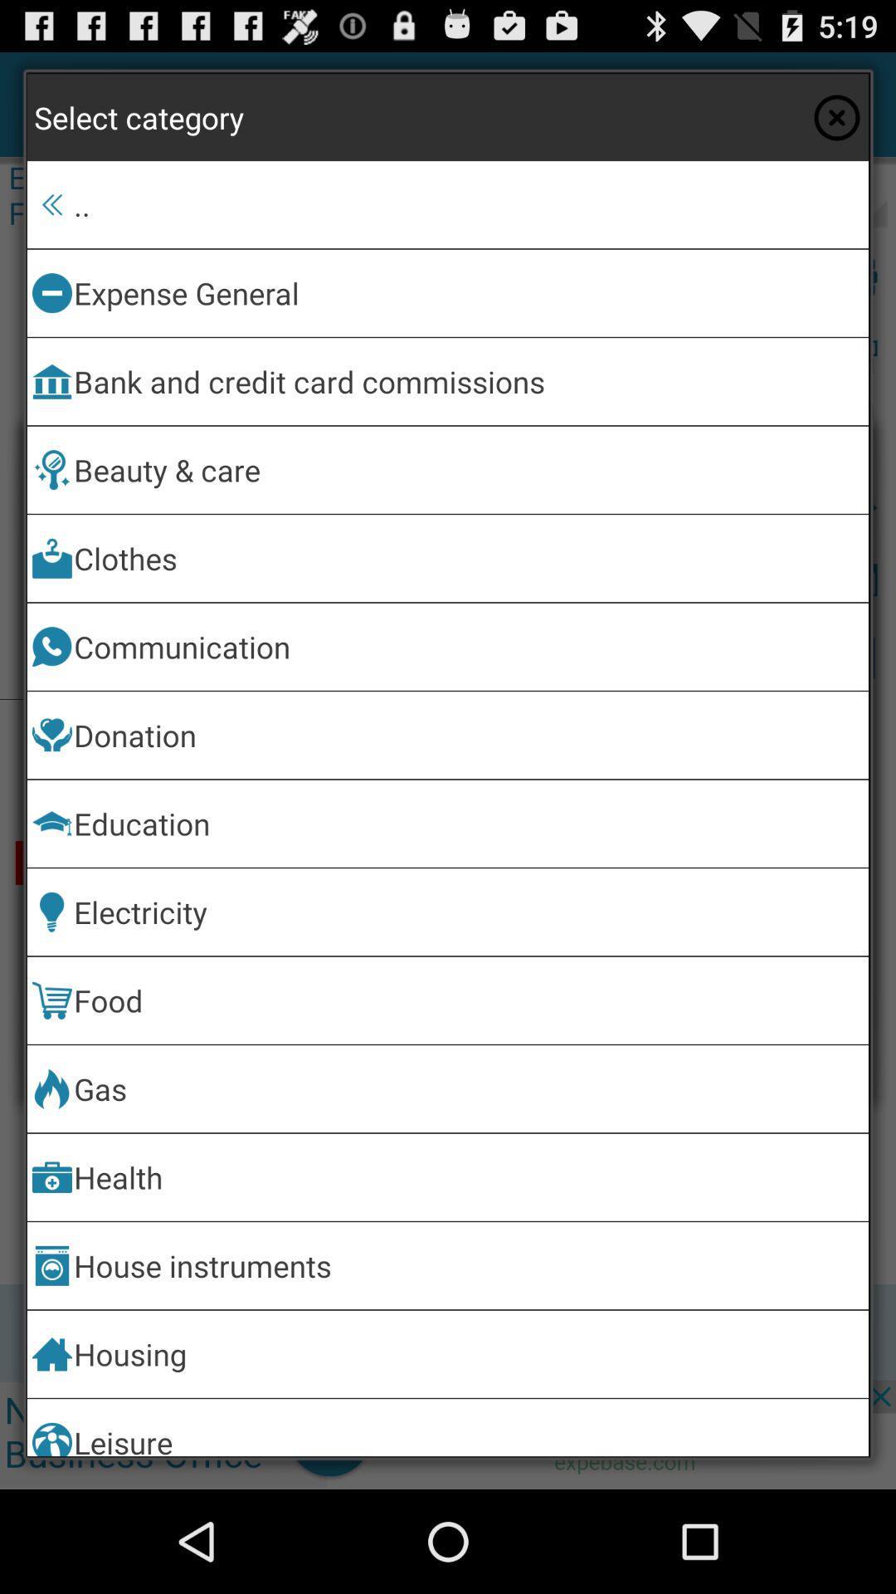  Describe the element at coordinates (468, 558) in the screenshot. I see `icon below beauty & care item` at that location.